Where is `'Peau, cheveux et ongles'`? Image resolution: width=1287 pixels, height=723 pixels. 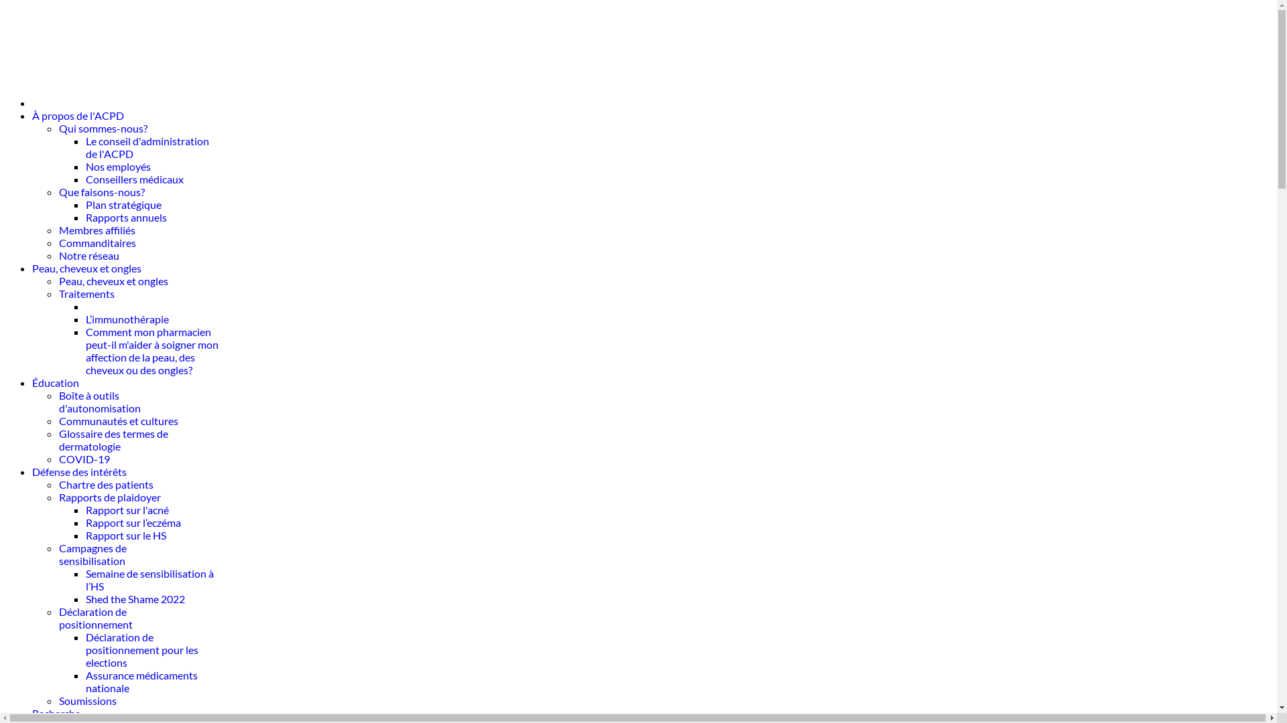
'Peau, cheveux et ongles' is located at coordinates (113, 280).